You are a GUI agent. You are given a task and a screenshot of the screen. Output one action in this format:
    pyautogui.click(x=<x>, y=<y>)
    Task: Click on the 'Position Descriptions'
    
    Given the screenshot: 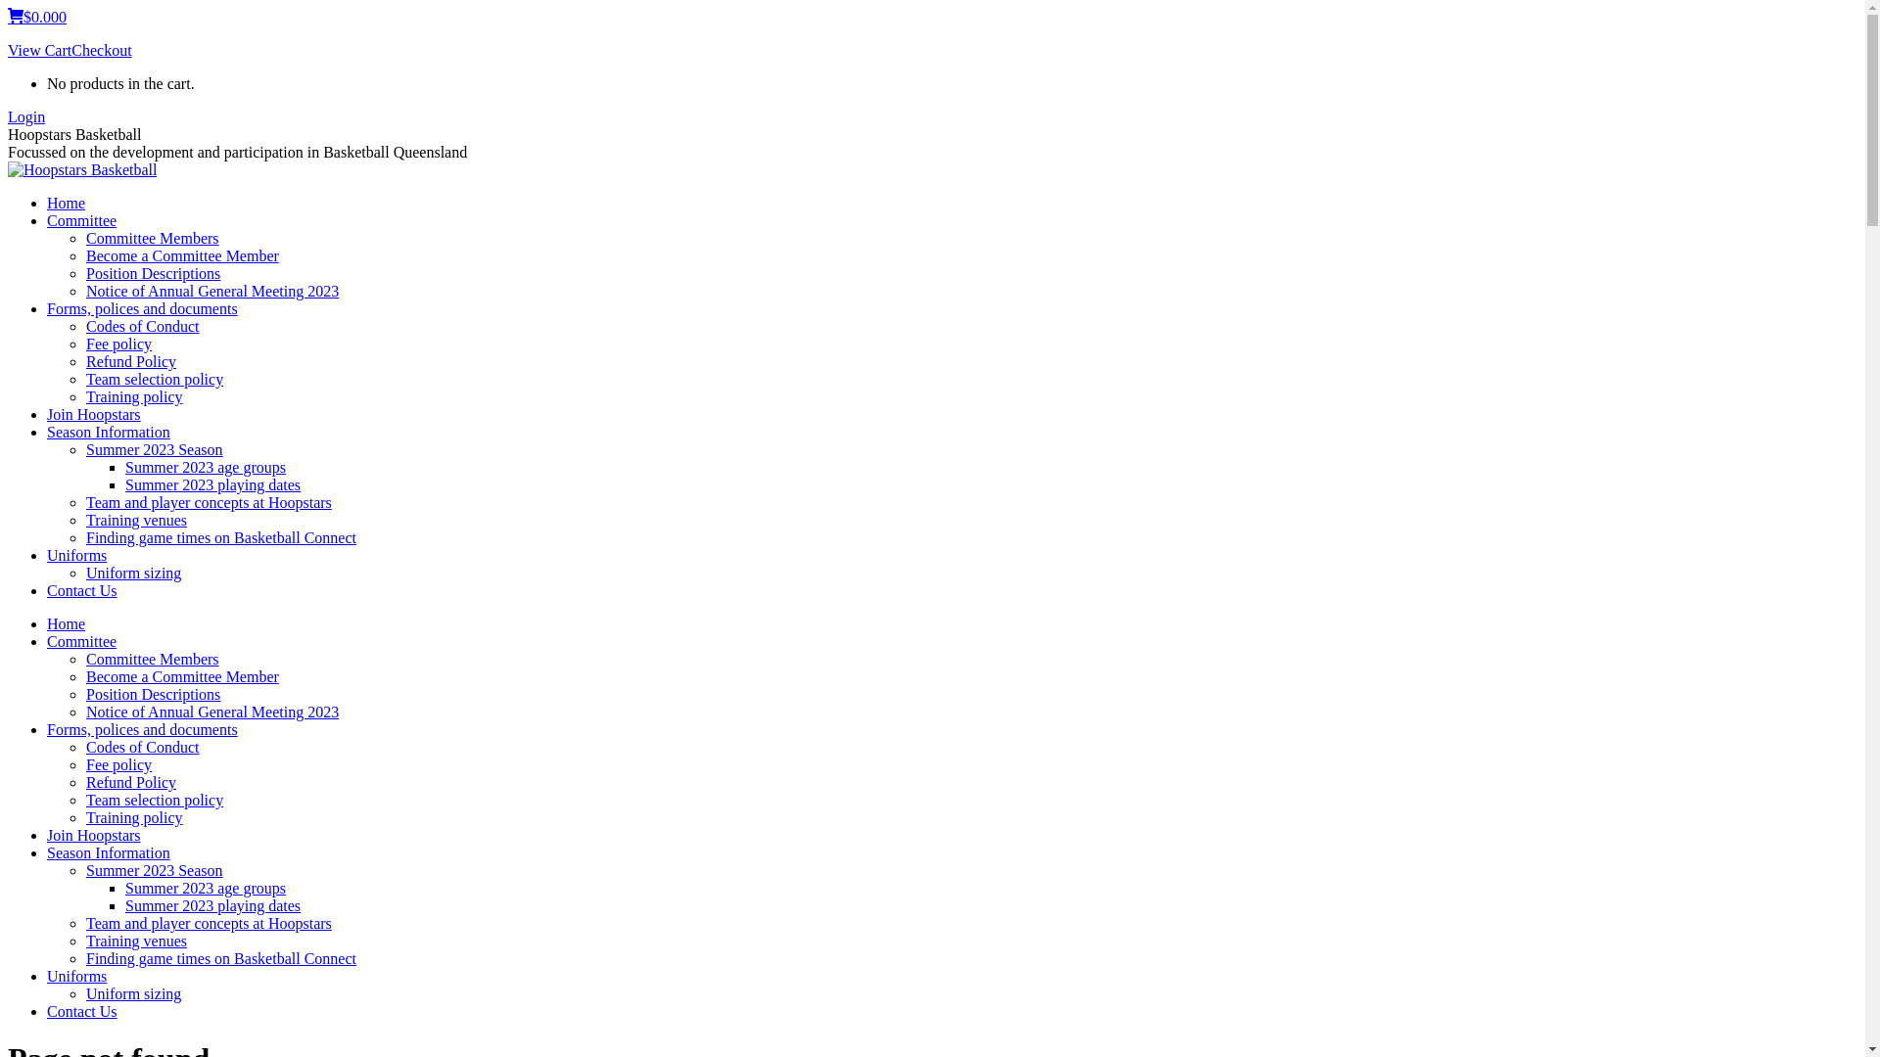 What is the action you would take?
    pyautogui.click(x=152, y=273)
    